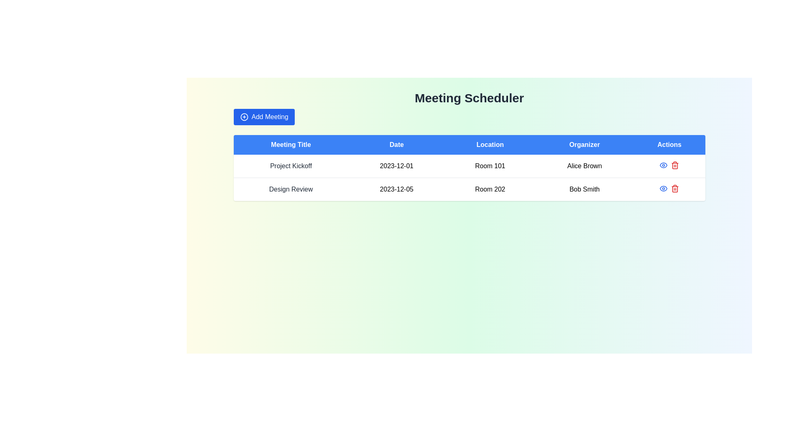 This screenshot has height=442, width=786. Describe the element at coordinates (675, 189) in the screenshot. I see `the red trash bin icon in the second row of the table under the 'Actions' column` at that location.